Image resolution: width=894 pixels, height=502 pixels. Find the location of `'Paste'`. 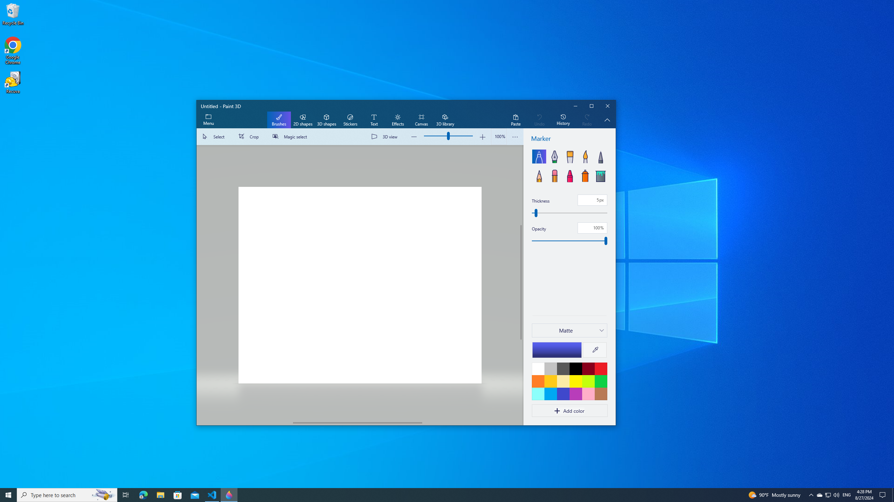

'Paste' is located at coordinates (515, 120).